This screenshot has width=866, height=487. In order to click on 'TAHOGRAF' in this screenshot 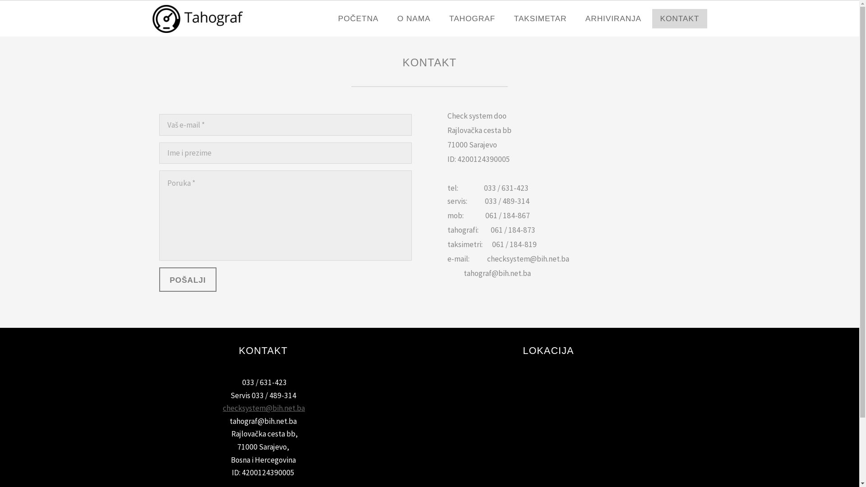, I will do `click(472, 18)`.